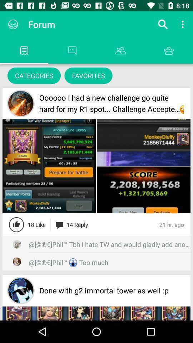 The image size is (193, 343). Describe the element at coordinates (34, 75) in the screenshot. I see `the item to the left of the favorites` at that location.